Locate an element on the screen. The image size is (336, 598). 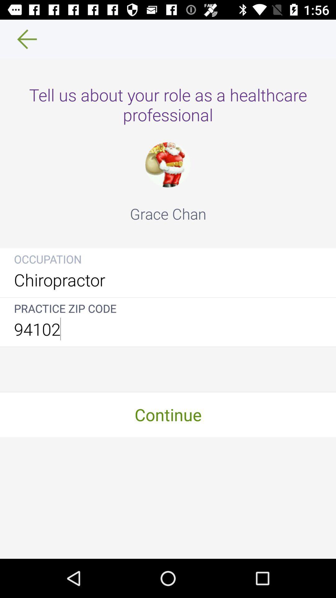
the icon above the grace chan item is located at coordinates (167, 165).